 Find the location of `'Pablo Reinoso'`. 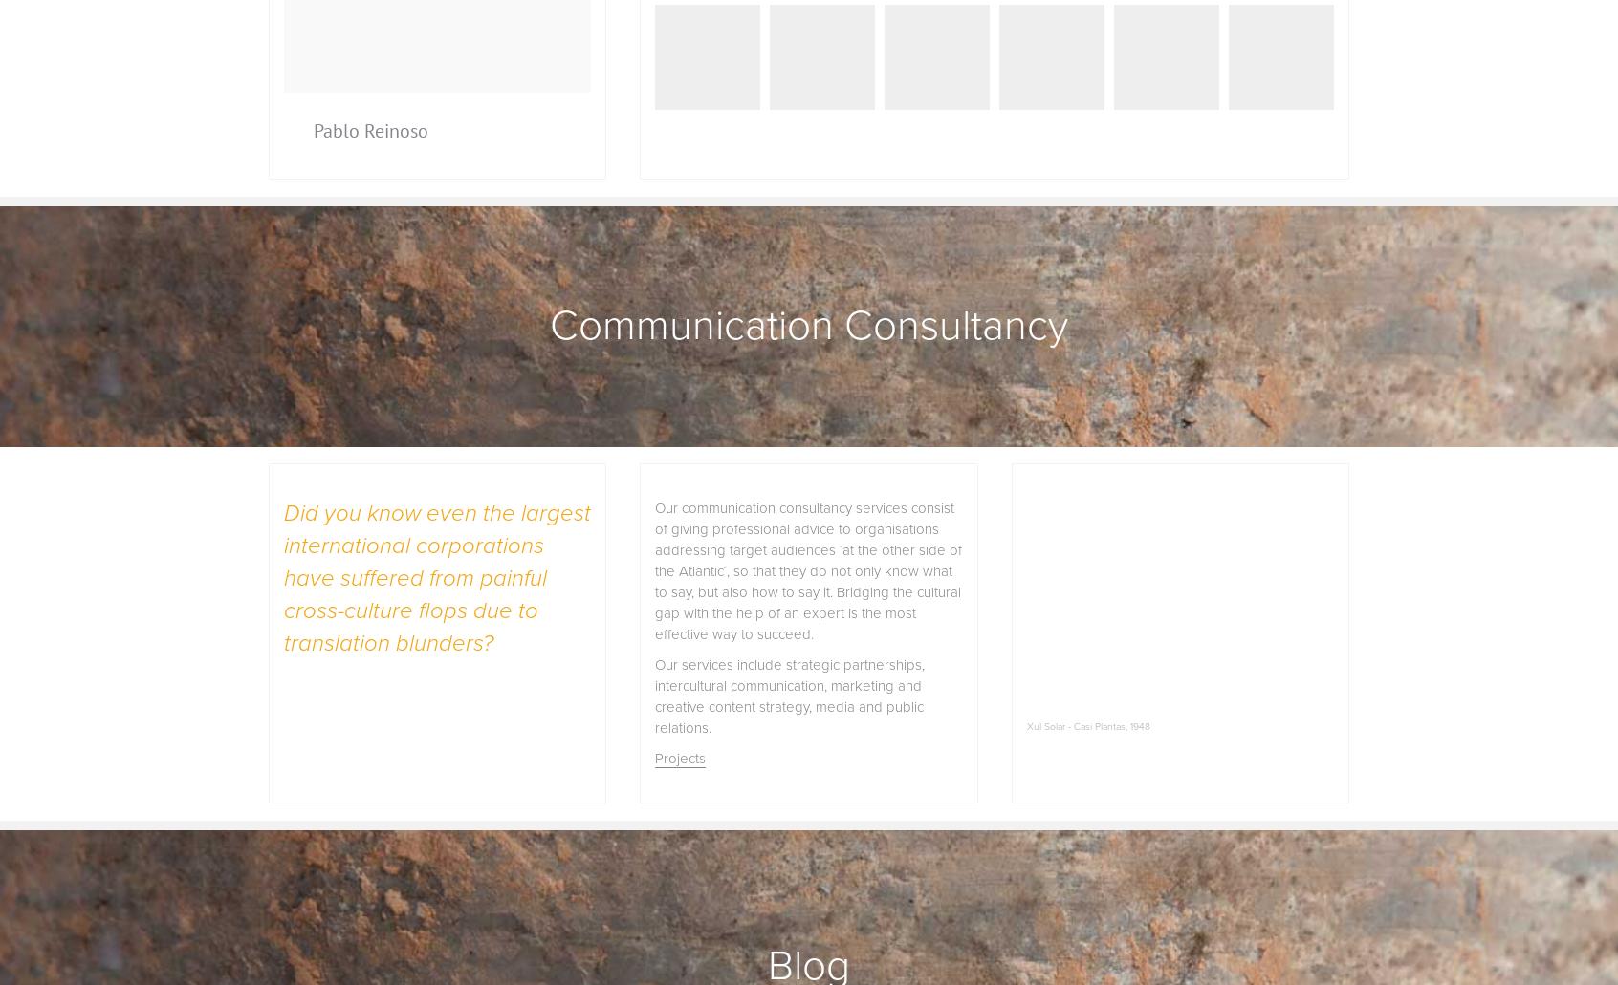

'Pablo Reinoso' is located at coordinates (369, 130).